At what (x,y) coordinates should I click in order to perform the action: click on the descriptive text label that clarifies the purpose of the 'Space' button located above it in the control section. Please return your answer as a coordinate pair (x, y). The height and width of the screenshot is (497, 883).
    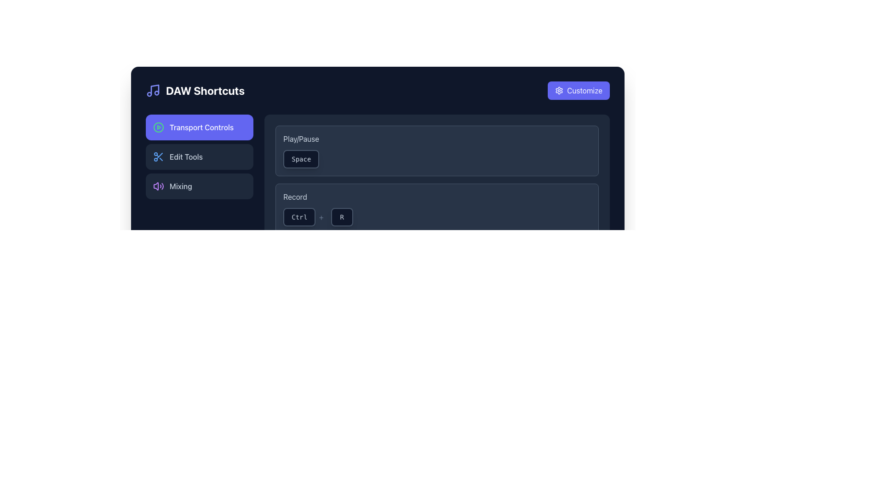
    Looking at the image, I should click on (301, 139).